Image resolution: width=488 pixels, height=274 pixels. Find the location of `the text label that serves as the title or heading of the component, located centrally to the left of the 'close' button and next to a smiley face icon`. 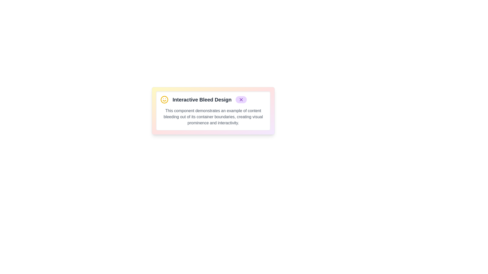

the text label that serves as the title or heading of the component, located centrally to the left of the 'close' button and next to a smiley face icon is located at coordinates (202, 100).